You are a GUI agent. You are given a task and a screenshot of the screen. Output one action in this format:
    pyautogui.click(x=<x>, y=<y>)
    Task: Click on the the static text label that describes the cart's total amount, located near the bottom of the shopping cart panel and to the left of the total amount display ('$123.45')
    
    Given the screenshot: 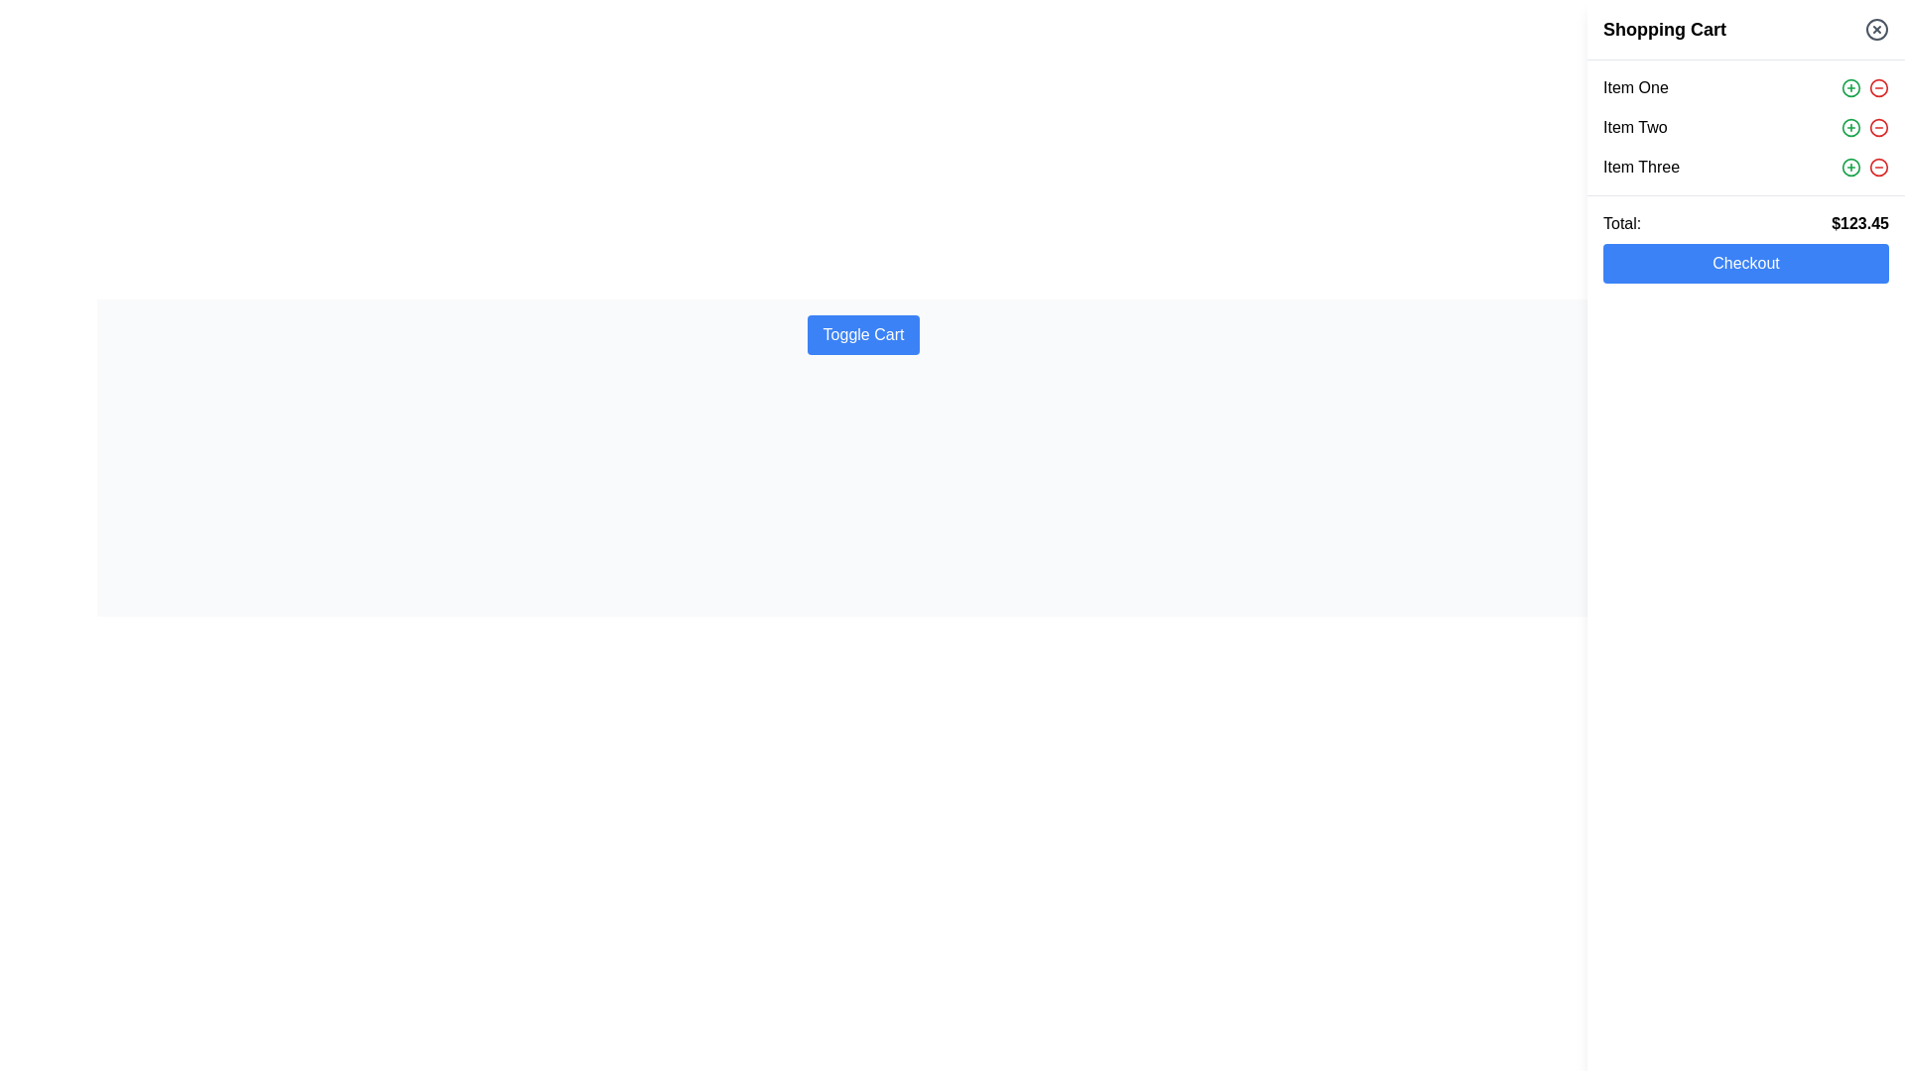 What is the action you would take?
    pyautogui.click(x=1622, y=223)
    